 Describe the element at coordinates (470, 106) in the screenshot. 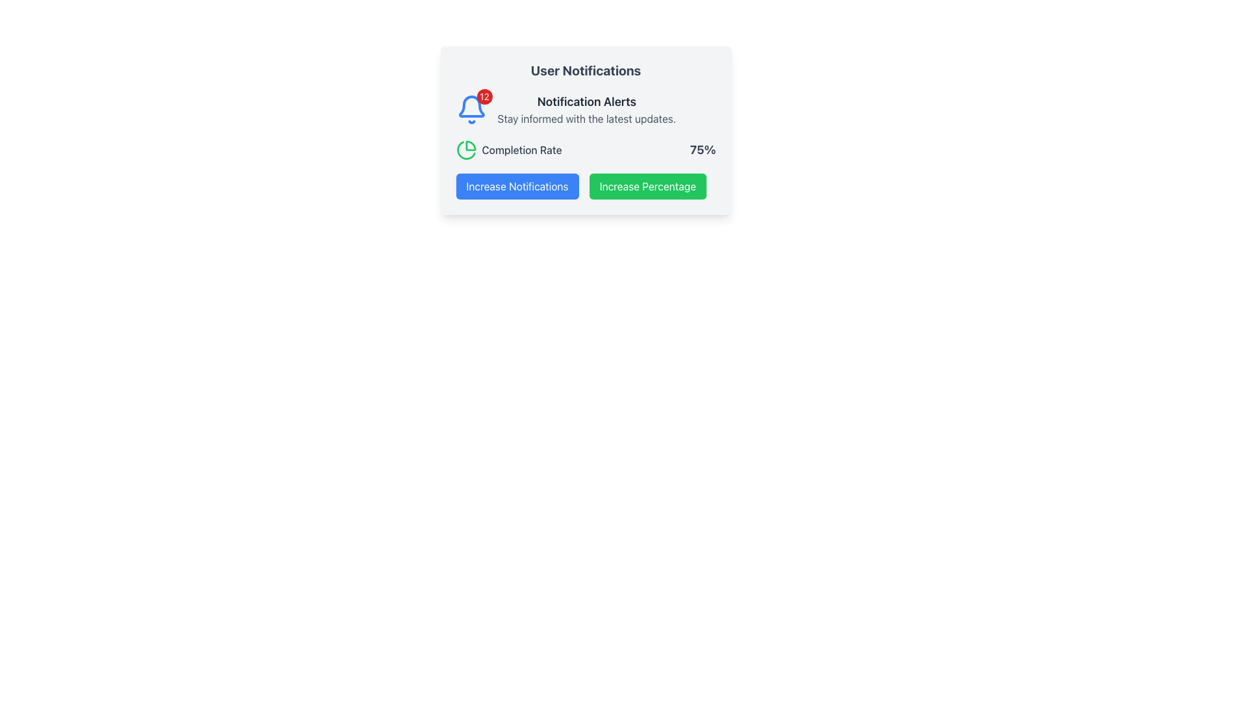

I see `the notification icon representing the bell outline, which signifies notification alerts, as part of the notification system` at that location.